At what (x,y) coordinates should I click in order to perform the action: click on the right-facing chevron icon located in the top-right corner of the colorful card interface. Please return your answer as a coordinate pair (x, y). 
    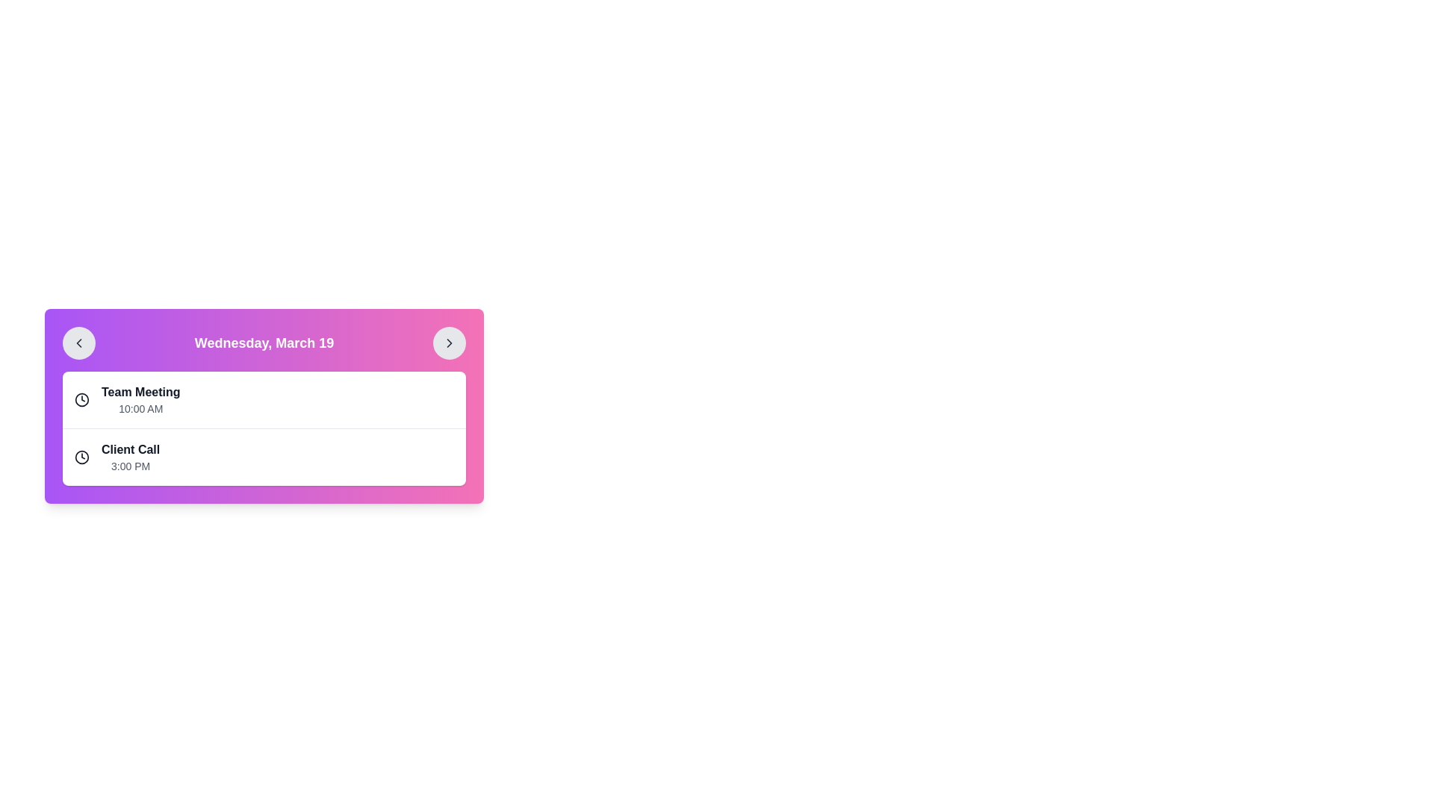
    Looking at the image, I should click on (448, 343).